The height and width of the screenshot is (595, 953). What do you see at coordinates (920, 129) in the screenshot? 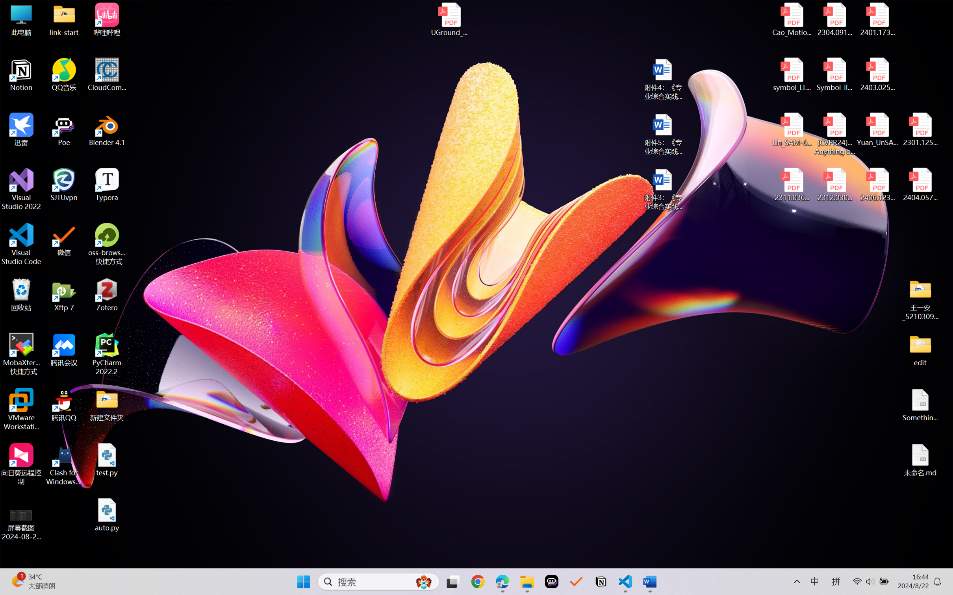
I see `'2301.12597v3.pdf'` at bounding box center [920, 129].